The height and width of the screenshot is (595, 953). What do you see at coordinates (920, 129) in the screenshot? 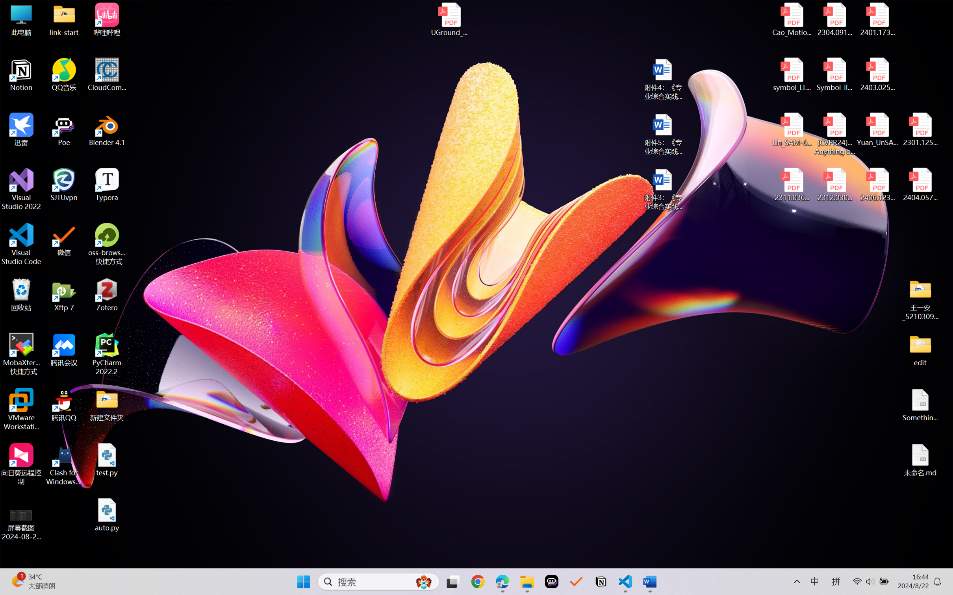
I see `'2301.12597v3.pdf'` at bounding box center [920, 129].